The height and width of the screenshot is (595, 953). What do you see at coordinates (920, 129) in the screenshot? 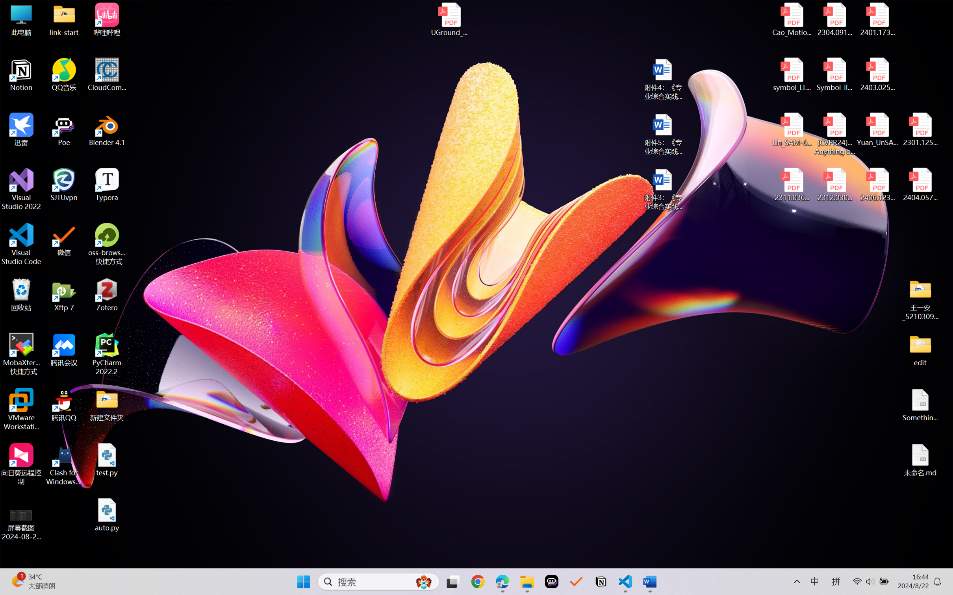
I see `'2301.12597v3.pdf'` at bounding box center [920, 129].